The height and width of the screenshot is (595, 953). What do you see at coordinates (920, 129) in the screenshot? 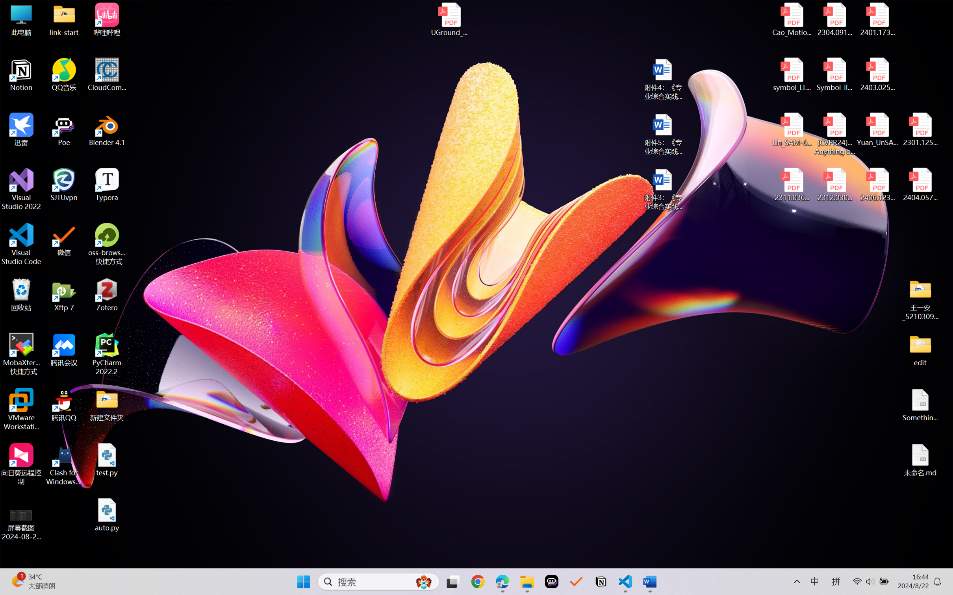
I see `'2301.12597v3.pdf'` at bounding box center [920, 129].